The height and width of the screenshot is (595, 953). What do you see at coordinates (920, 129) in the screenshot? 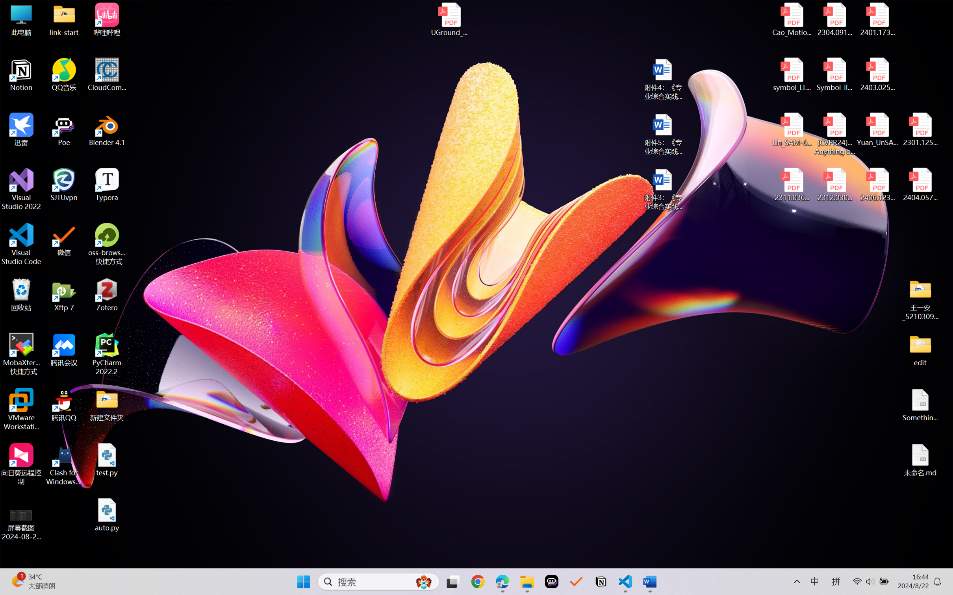
I see `'2301.12597v3.pdf'` at bounding box center [920, 129].